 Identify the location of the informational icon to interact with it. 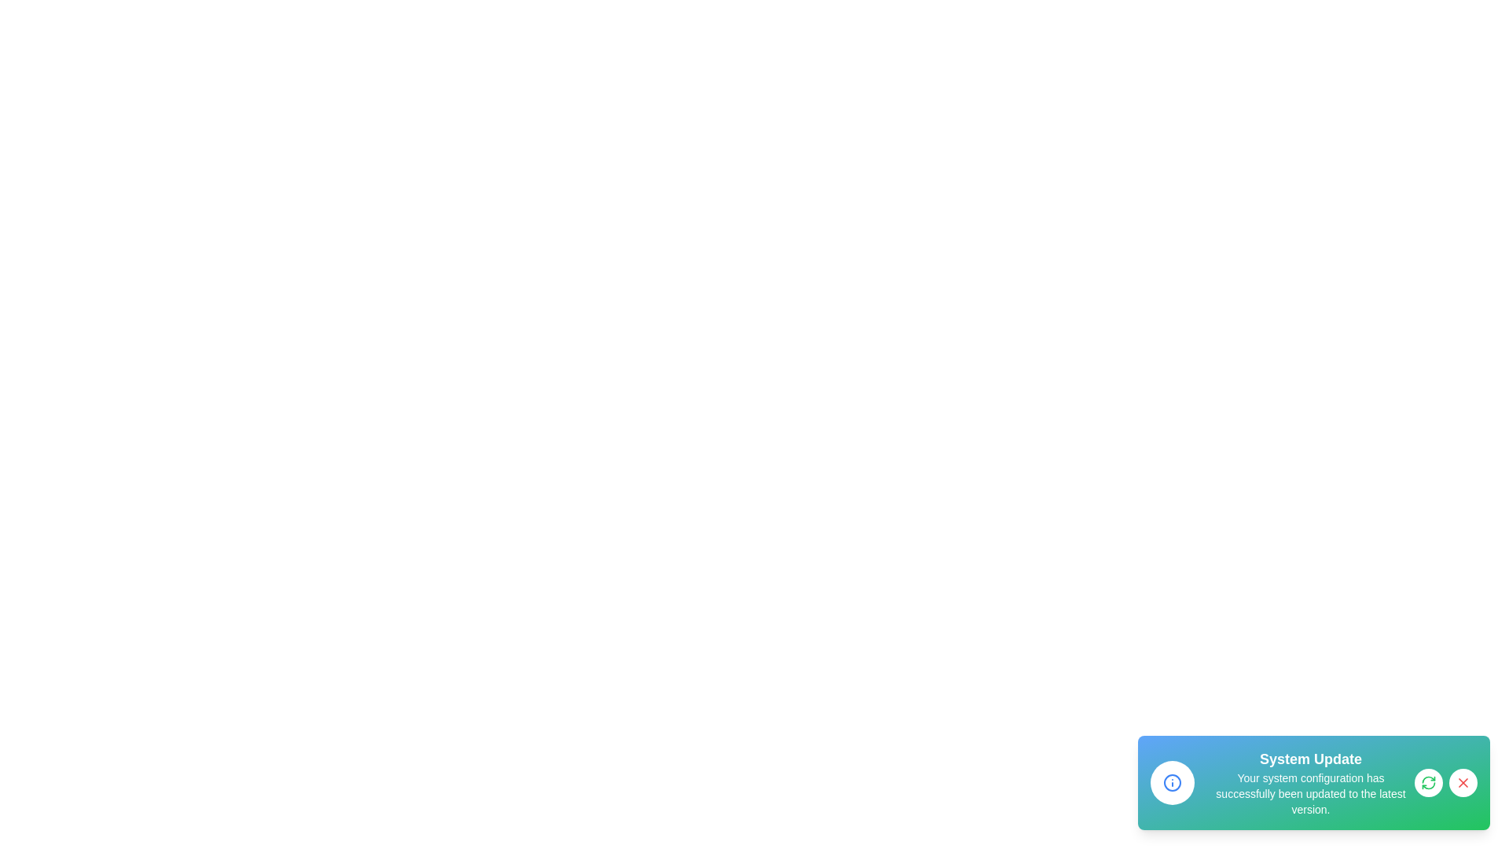
(1173, 782).